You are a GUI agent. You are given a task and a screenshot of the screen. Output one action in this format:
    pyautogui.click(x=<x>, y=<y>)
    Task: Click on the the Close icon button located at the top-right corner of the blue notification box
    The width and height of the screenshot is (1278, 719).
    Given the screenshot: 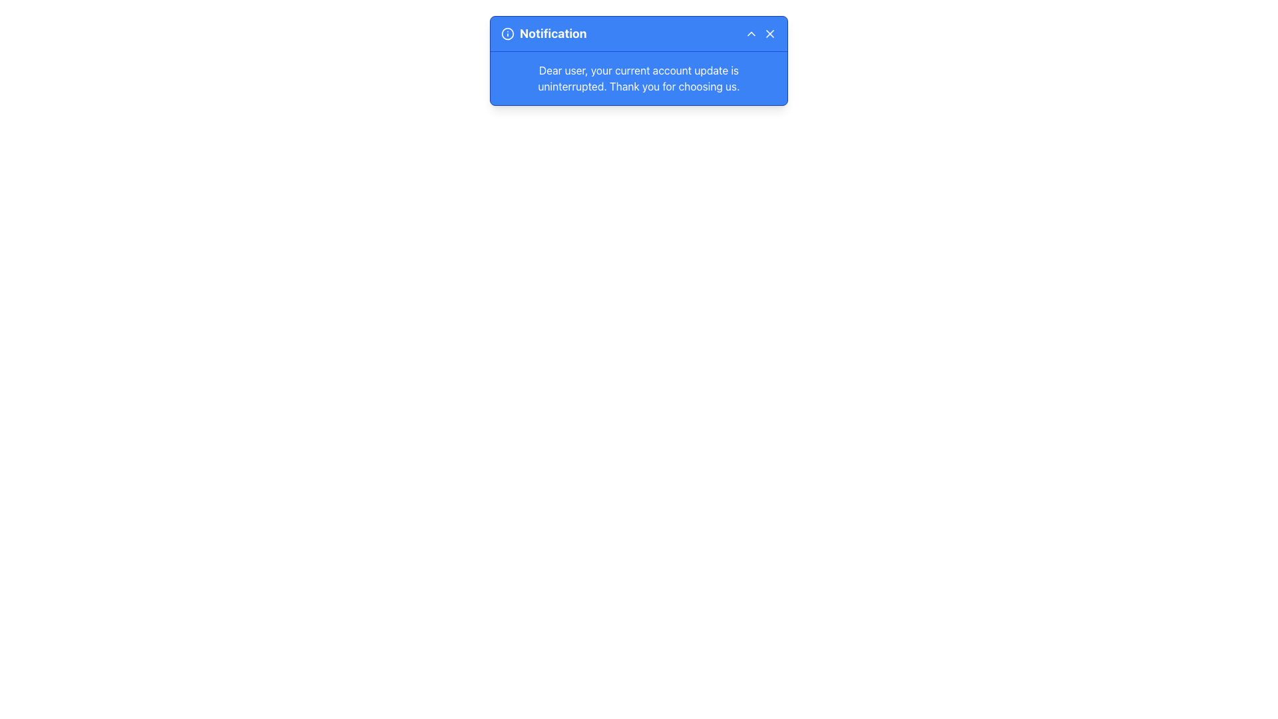 What is the action you would take?
    pyautogui.click(x=769, y=33)
    